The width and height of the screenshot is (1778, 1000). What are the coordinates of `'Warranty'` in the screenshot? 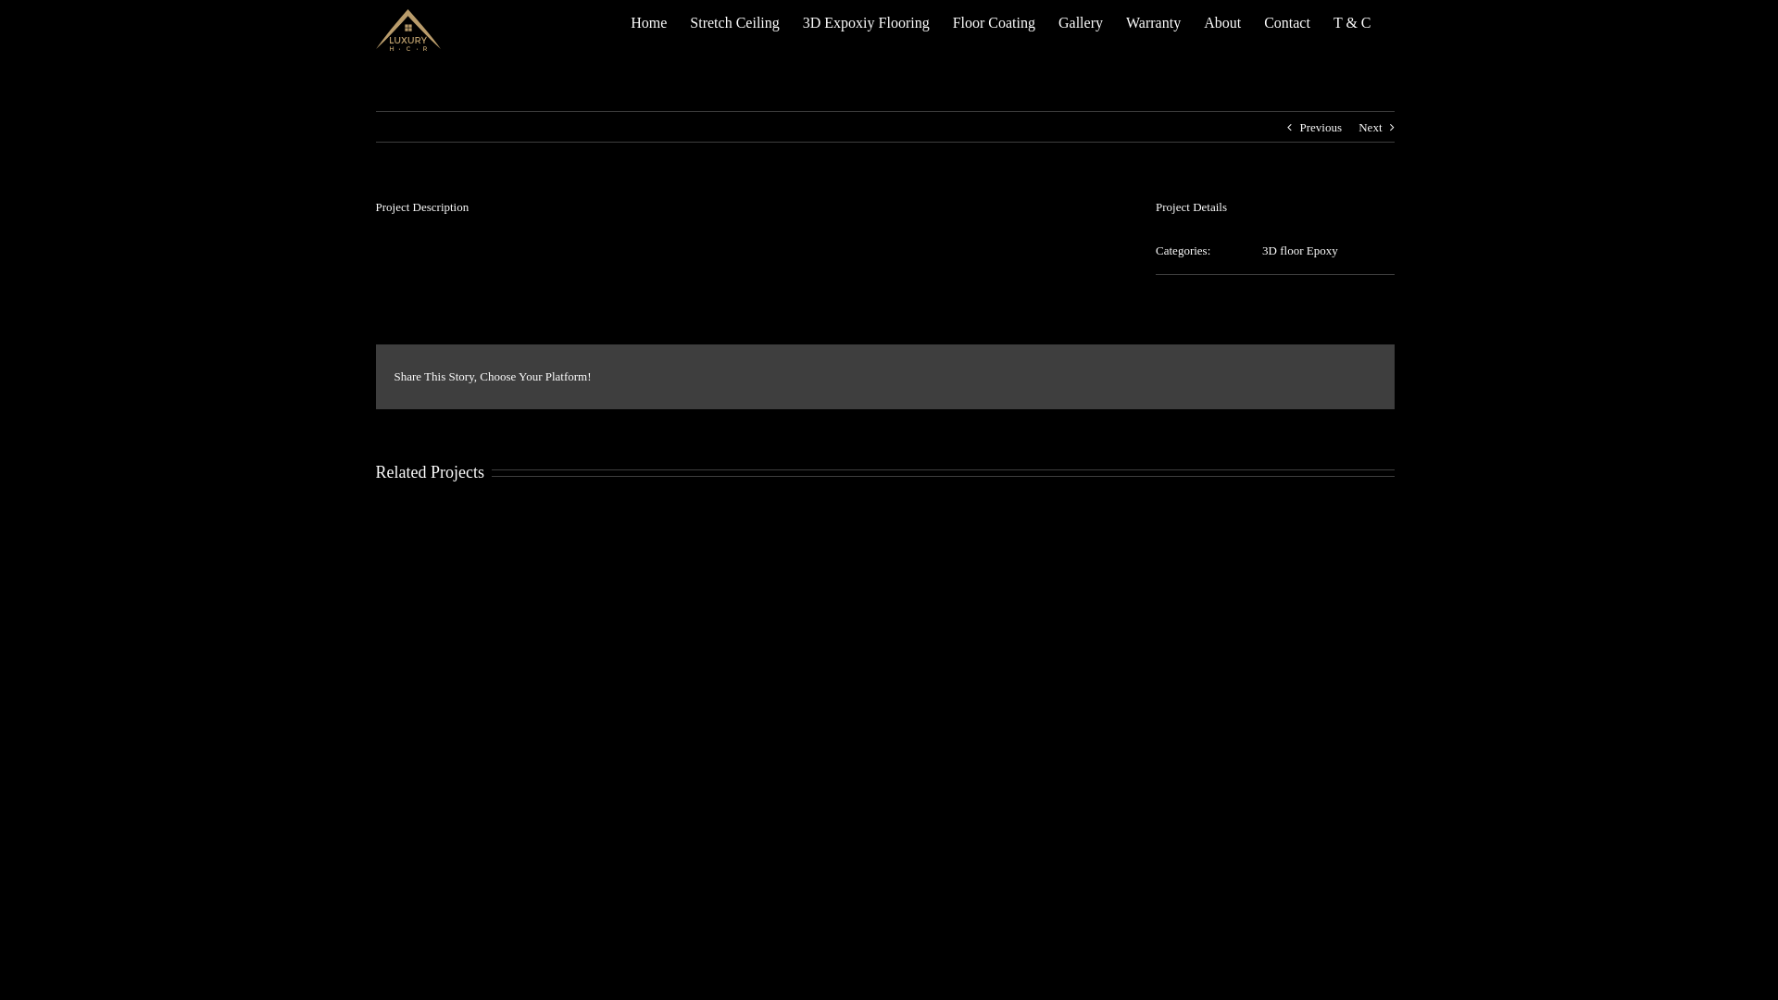 It's located at (1152, 22).